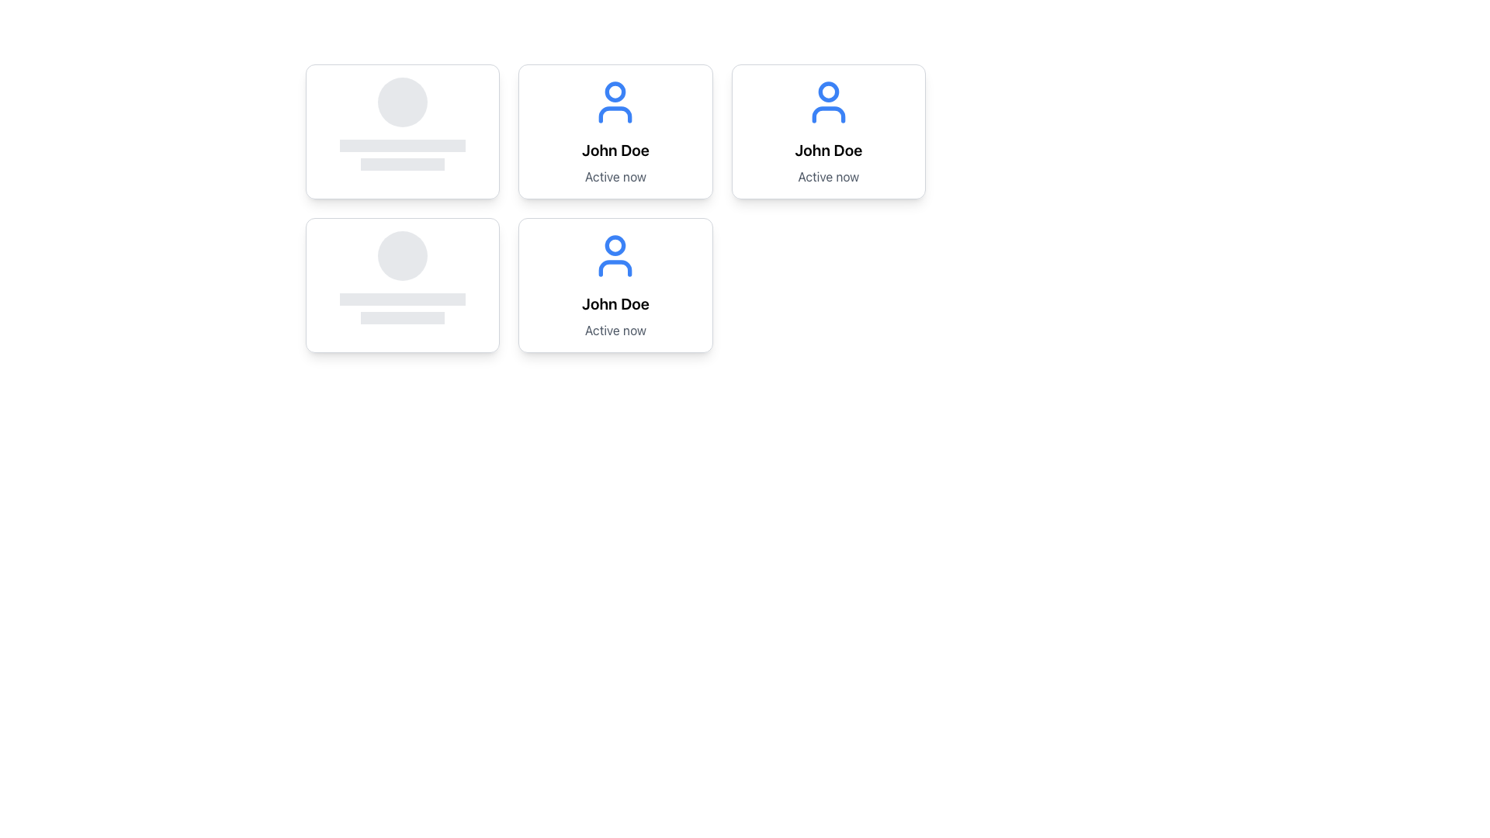 This screenshot has width=1490, height=838. What do you see at coordinates (827, 102) in the screenshot?
I see `the profile avatar icon located in the card labeled 'John Doe' with the subtitle 'Active now', positioned at the top and centered horizontally in the card` at bounding box center [827, 102].